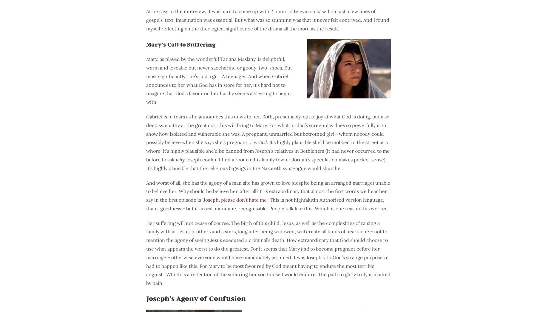 The height and width of the screenshot is (312, 537). What do you see at coordinates (181, 44) in the screenshot?
I see `'Mary’s Call to Suffering'` at bounding box center [181, 44].